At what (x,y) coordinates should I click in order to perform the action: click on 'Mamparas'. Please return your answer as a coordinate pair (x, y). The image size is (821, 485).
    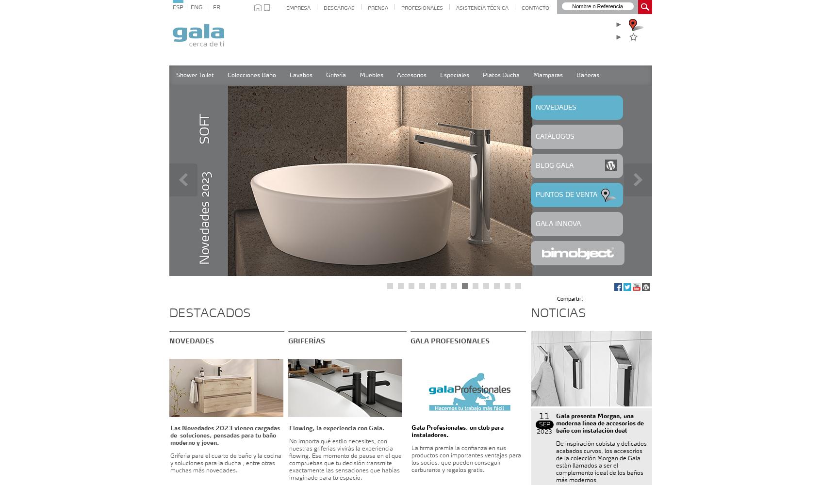
    Looking at the image, I should click on (547, 76).